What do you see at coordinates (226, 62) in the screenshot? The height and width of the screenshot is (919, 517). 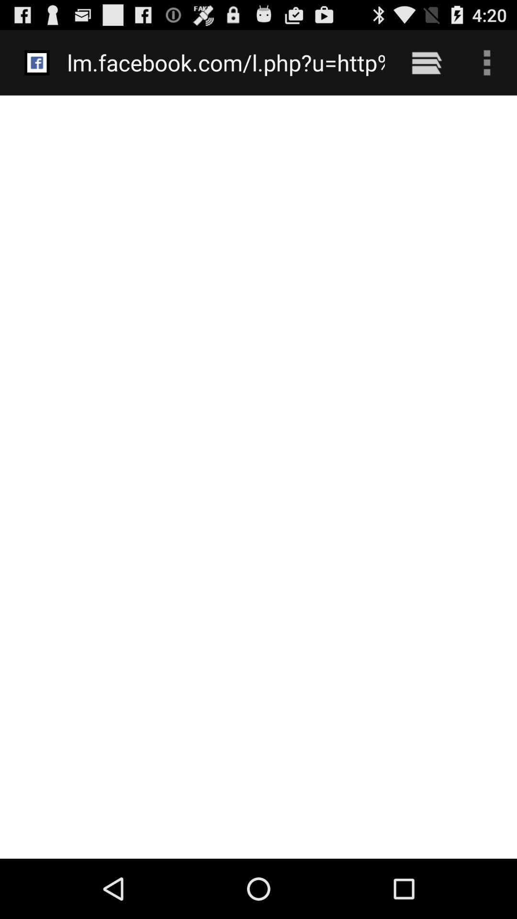 I see `the lm facebook com at the top` at bounding box center [226, 62].